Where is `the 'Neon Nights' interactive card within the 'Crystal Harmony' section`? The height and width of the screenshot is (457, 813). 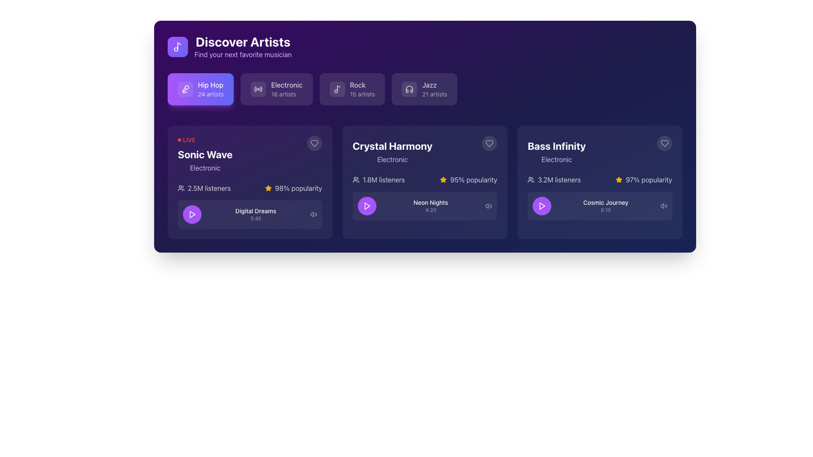
the 'Neon Nights' interactive card within the 'Crystal Harmony' section is located at coordinates (425, 197).